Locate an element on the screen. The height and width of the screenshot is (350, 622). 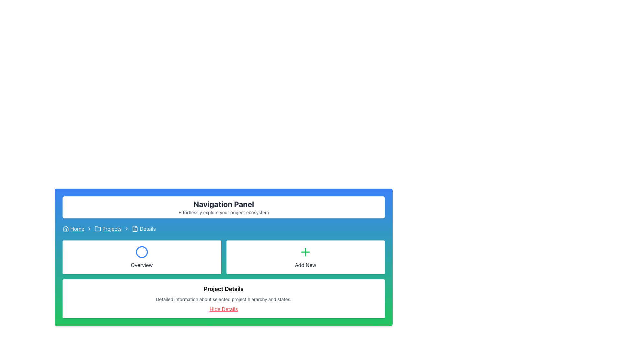
the document icon in the breadcrumb trail, which is styled as a white-lined SVG on a blue background, positioned before the 'Details' text is located at coordinates (135, 228).